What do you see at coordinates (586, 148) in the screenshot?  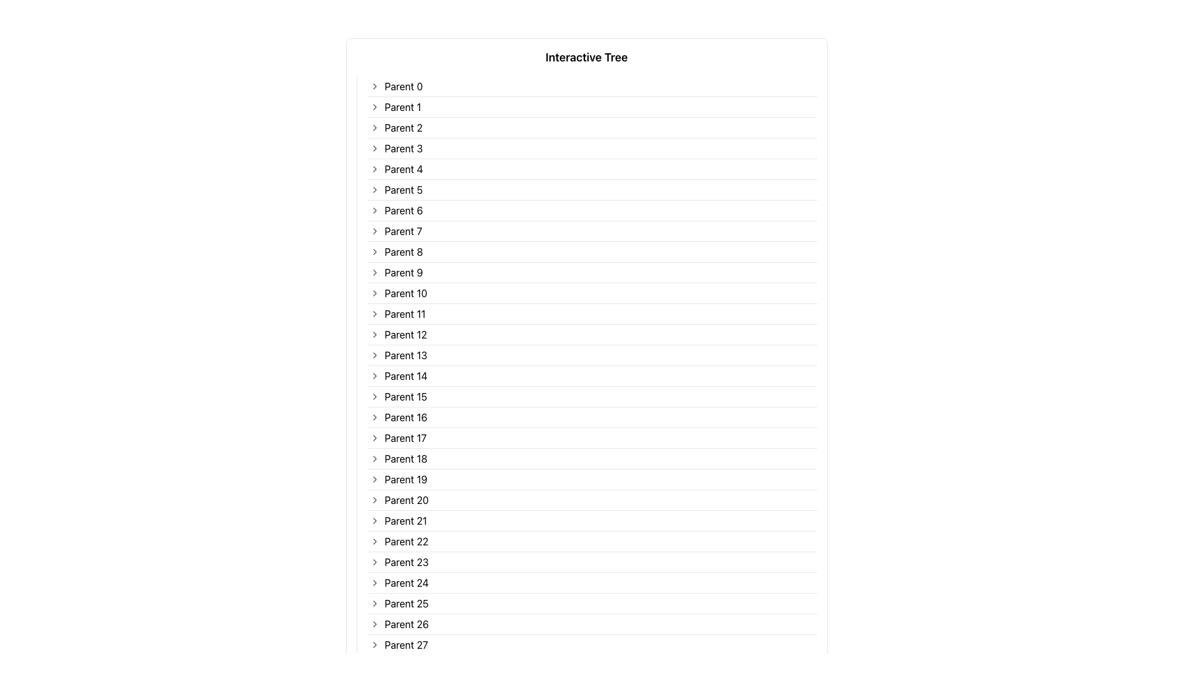 I see `the fourth item in the 'Interactive Tree' list` at bounding box center [586, 148].